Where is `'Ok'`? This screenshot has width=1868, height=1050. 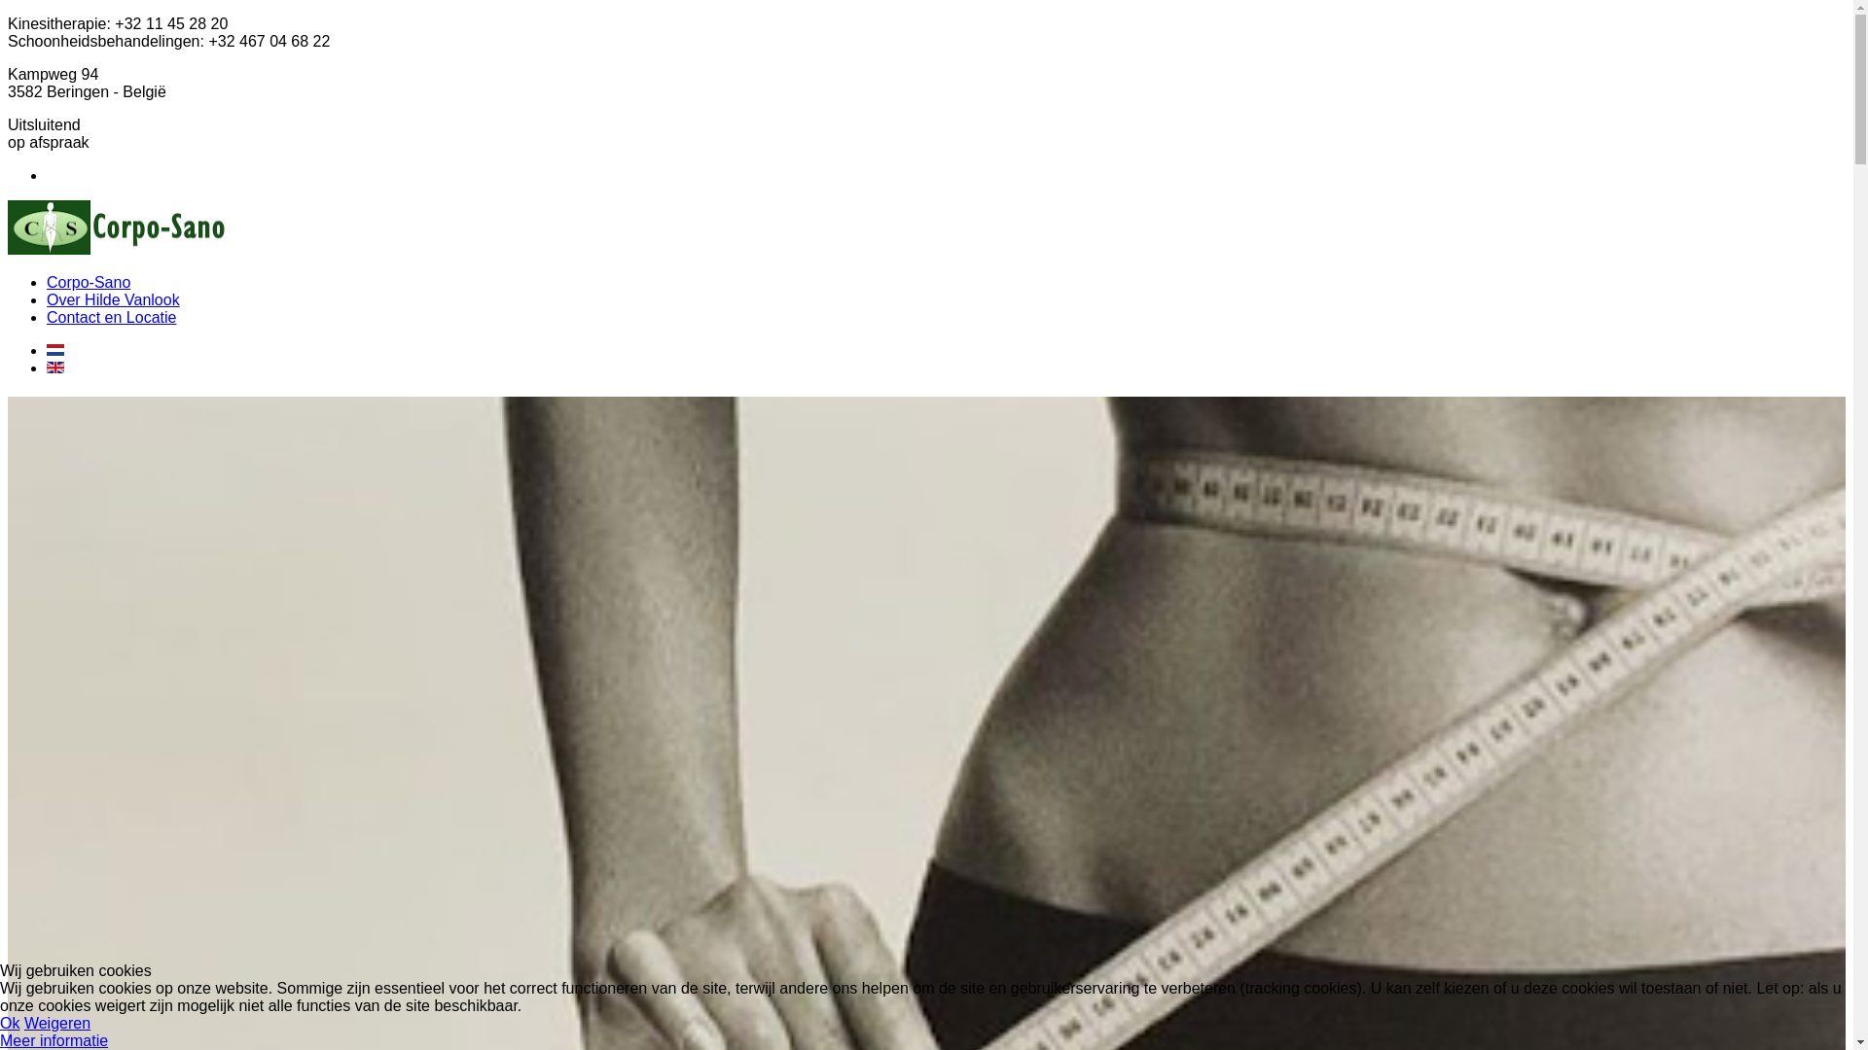
'Ok' is located at coordinates (0, 1022).